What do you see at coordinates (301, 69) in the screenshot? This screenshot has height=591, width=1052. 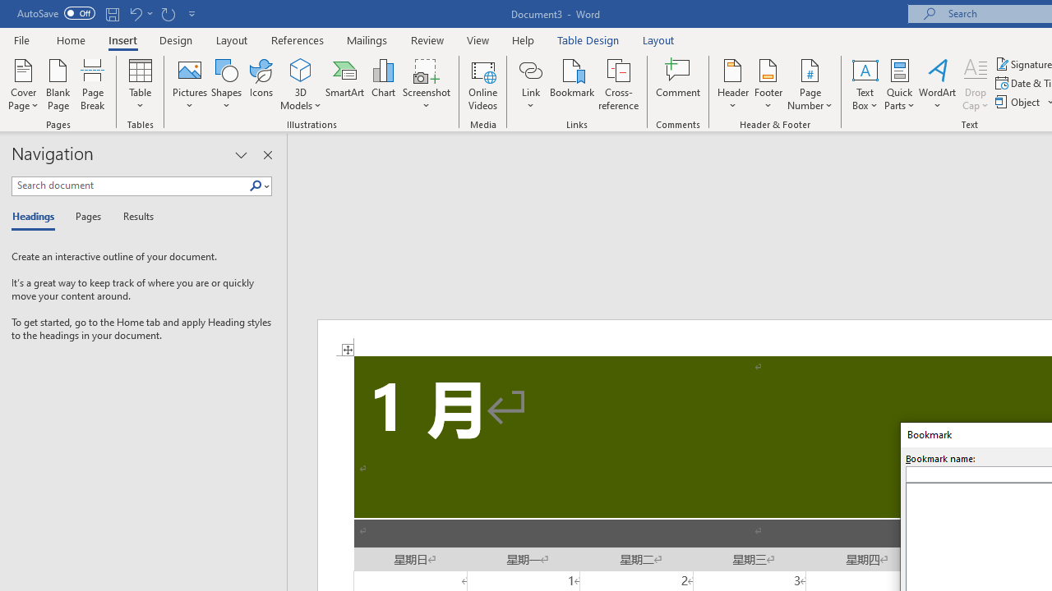 I see `'3D Models'` at bounding box center [301, 69].